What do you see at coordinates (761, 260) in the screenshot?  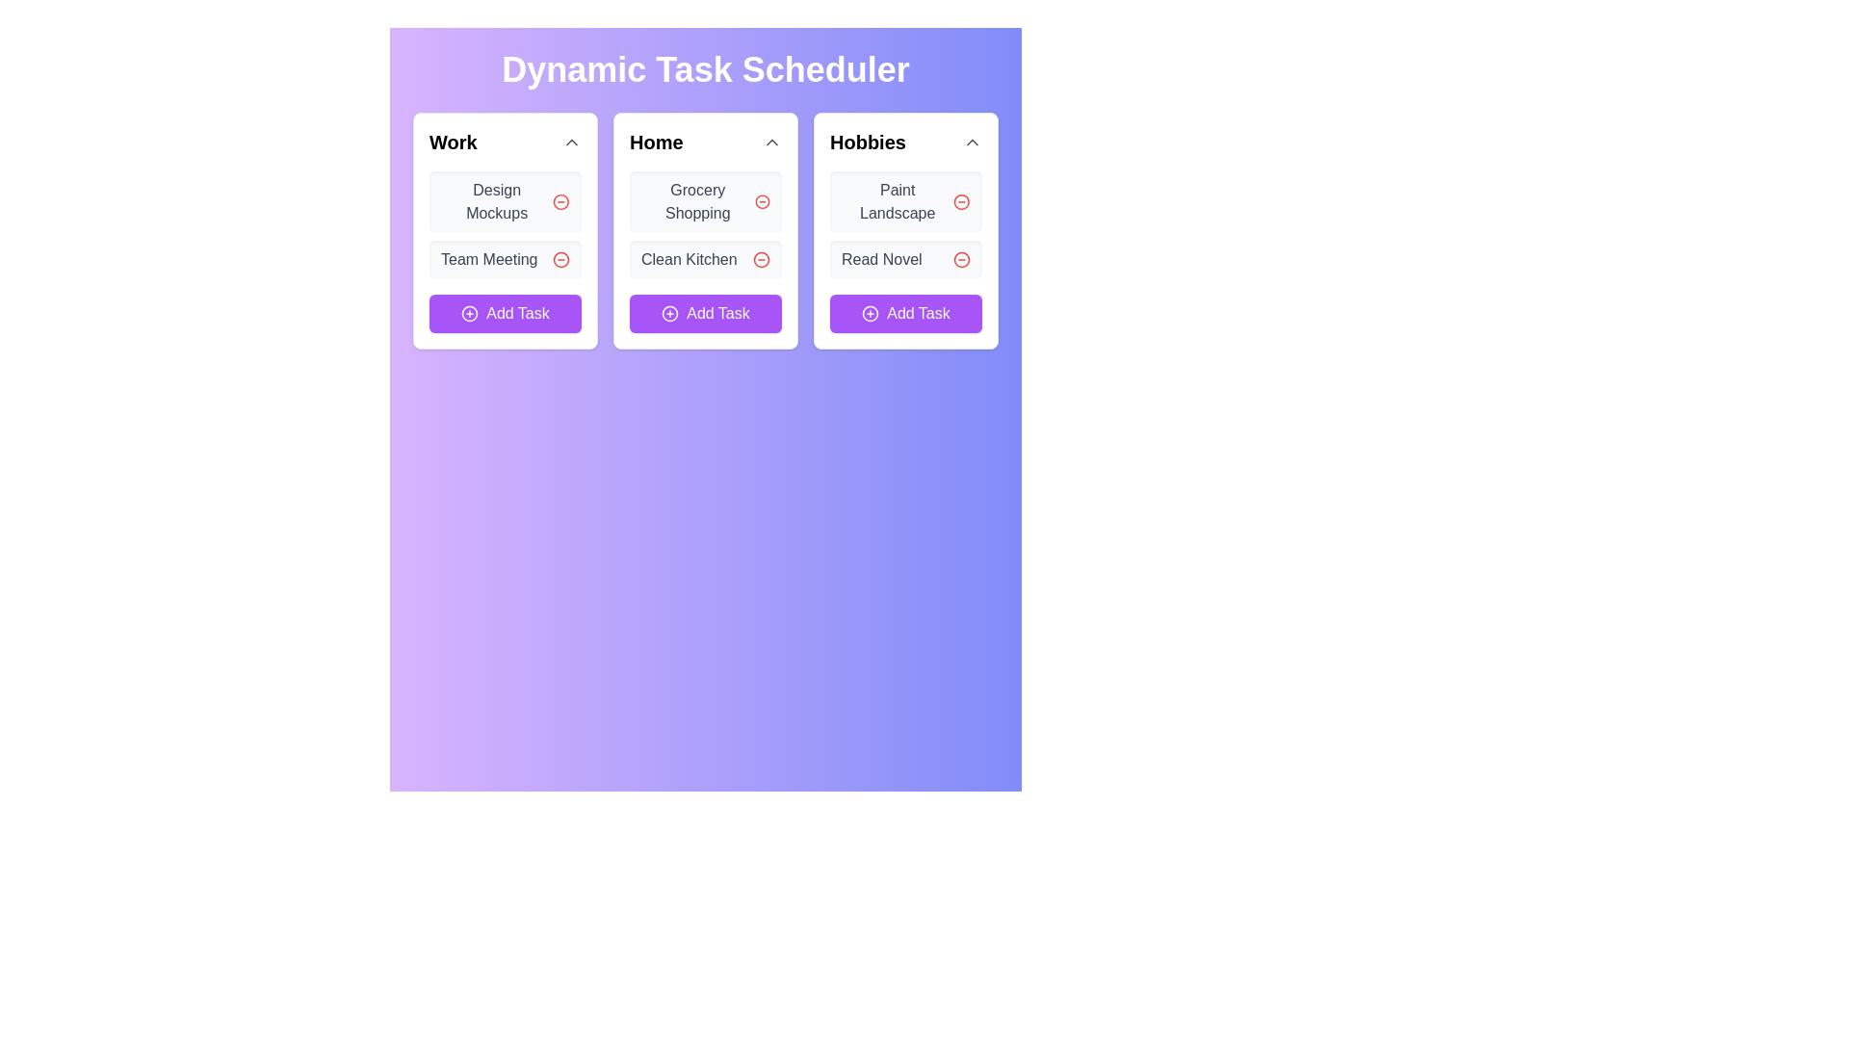 I see `the circular button with a minus sign located in the 'Home' section next to the 'Clean Kitchen' task` at bounding box center [761, 260].